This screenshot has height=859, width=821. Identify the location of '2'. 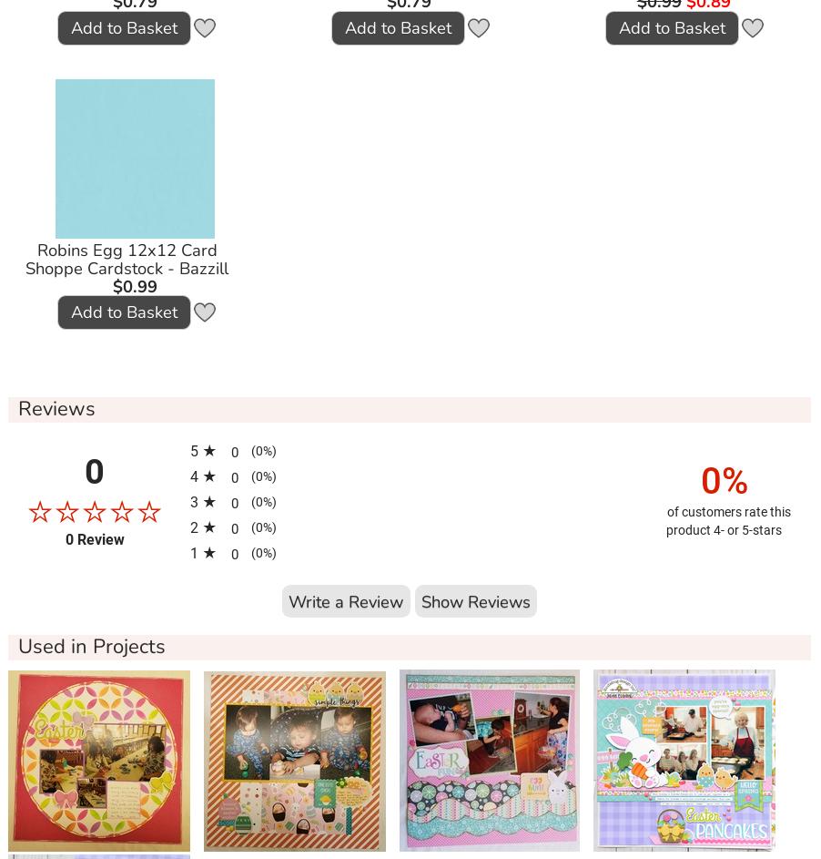
(195, 527).